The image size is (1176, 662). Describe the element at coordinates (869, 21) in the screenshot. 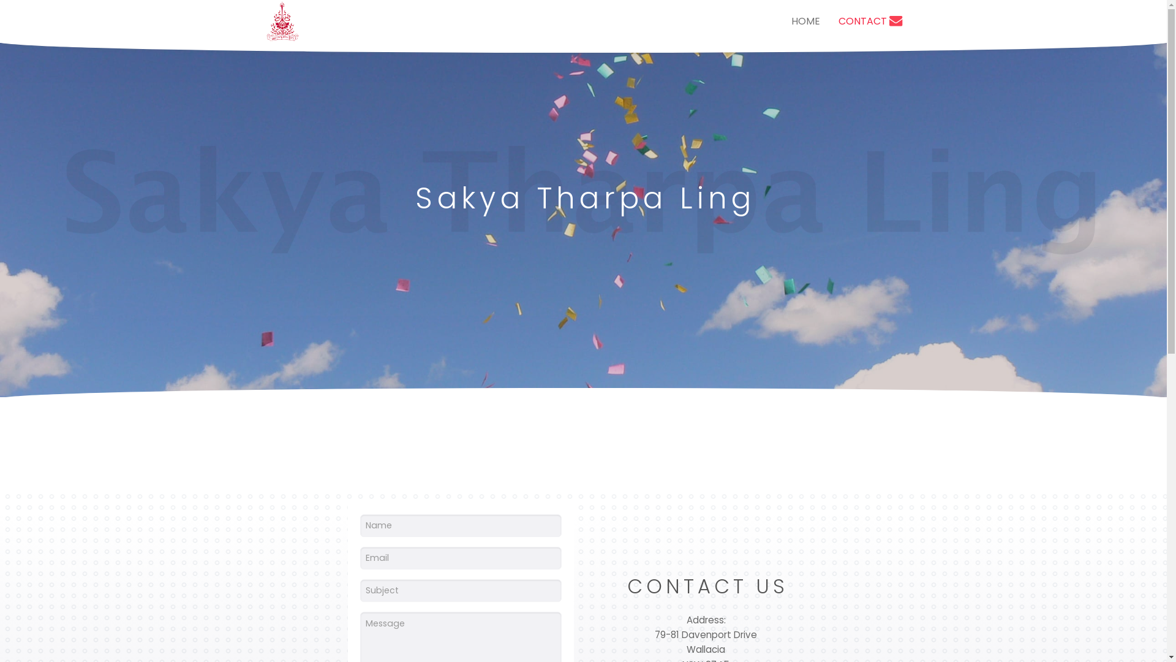

I see `'CONTACT'` at that location.